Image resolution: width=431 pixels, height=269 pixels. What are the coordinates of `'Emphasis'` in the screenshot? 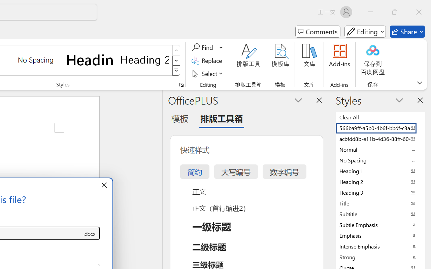 It's located at (380, 235).